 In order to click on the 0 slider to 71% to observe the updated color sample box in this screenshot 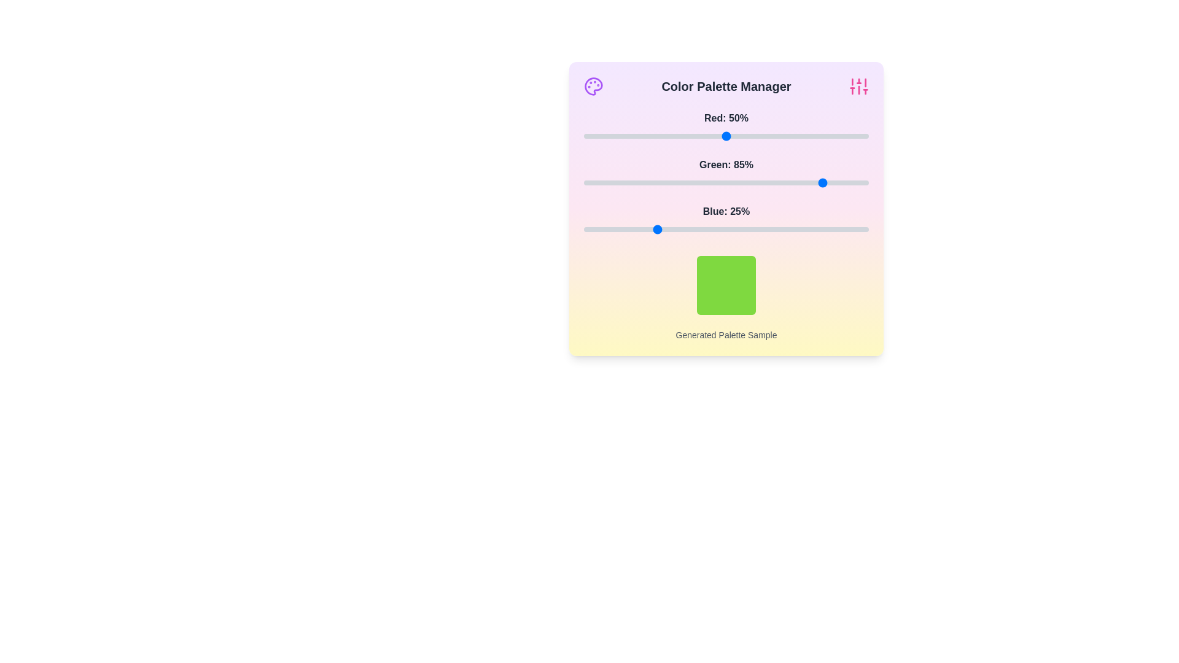, I will do `click(786, 136)`.